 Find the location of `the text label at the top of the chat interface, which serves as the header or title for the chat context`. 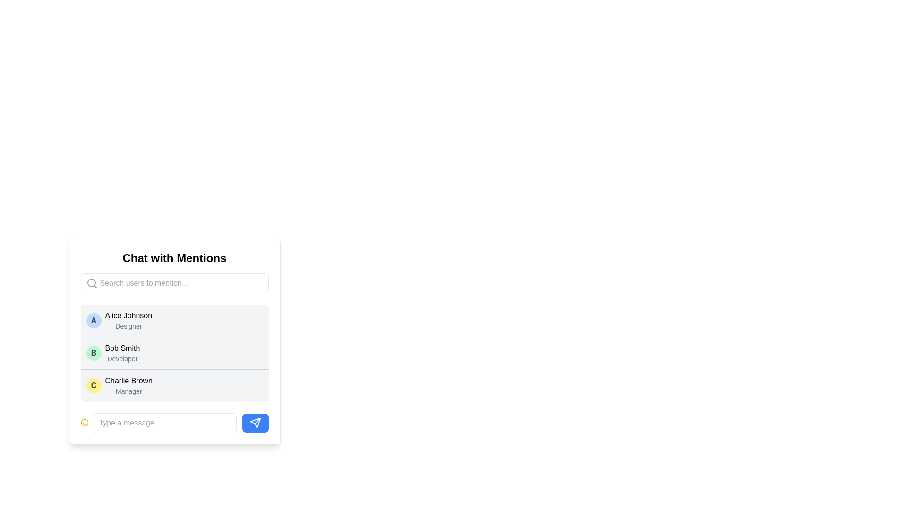

the text label at the top of the chat interface, which serves as the header or title for the chat context is located at coordinates (174, 258).